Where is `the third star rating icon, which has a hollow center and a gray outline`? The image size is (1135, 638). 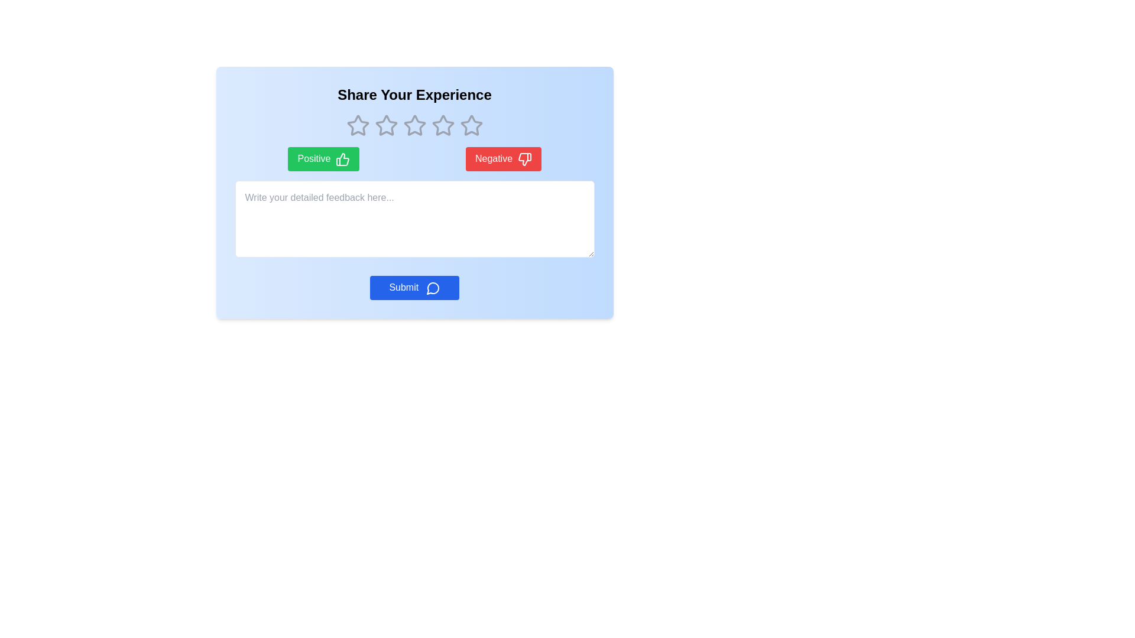 the third star rating icon, which has a hollow center and a gray outline is located at coordinates (442, 125).